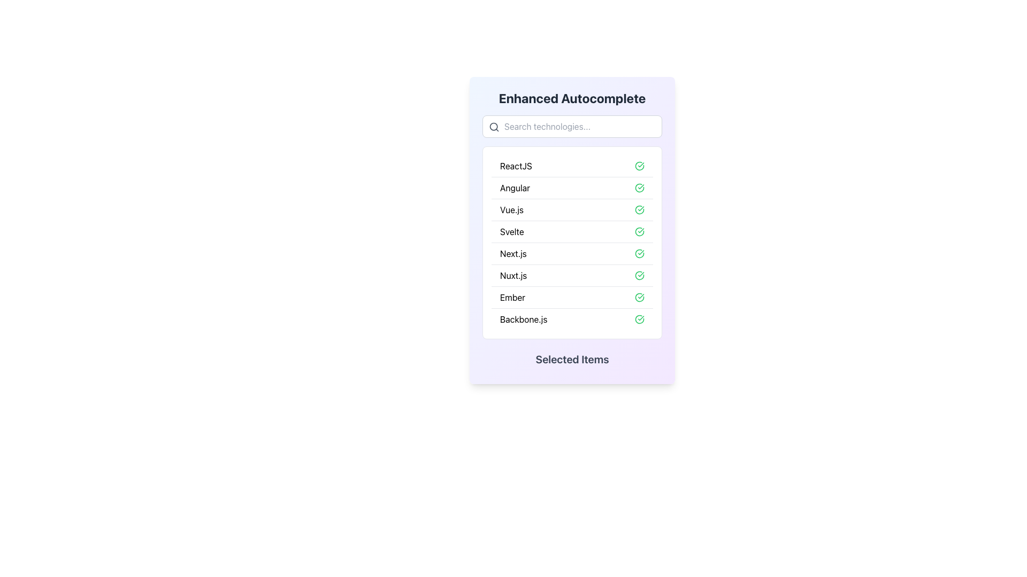 This screenshot has width=1027, height=577. Describe the element at coordinates (639, 187) in the screenshot. I see `the positive status icon located to the right of the 'Angular' list entry, indicating selection confirmation` at that location.